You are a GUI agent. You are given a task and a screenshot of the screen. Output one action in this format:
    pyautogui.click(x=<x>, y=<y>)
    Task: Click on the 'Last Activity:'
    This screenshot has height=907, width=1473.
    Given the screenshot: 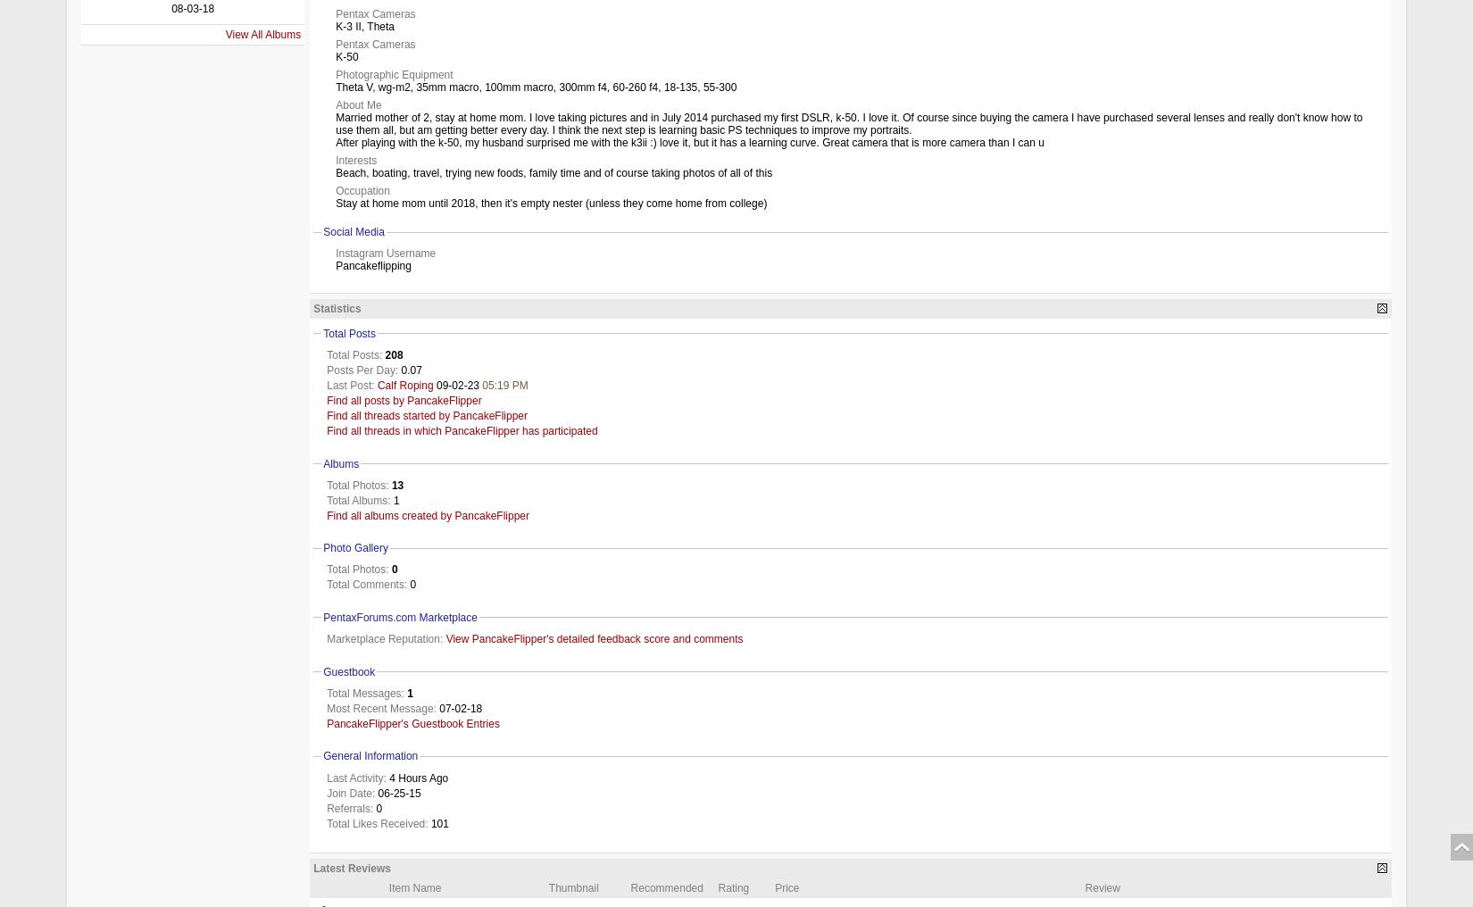 What is the action you would take?
    pyautogui.click(x=355, y=778)
    